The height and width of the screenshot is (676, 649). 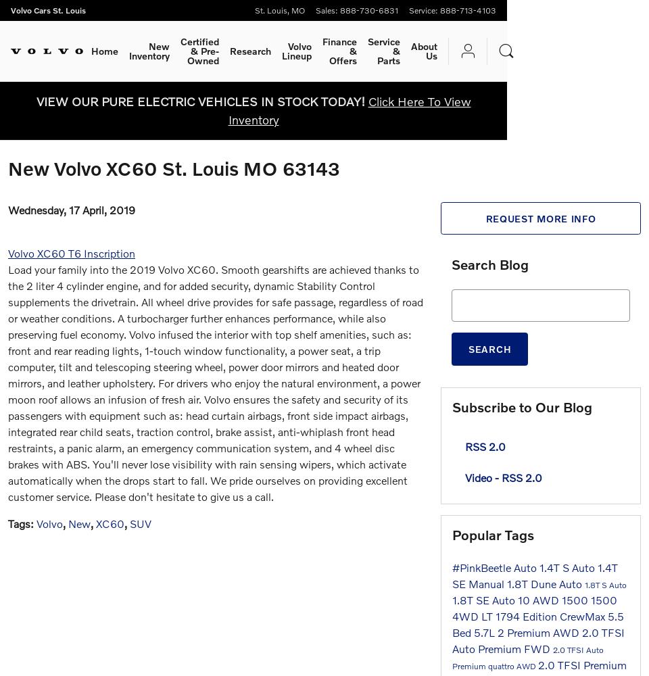 I want to click on '2.0 TFSI Auto Premium FWD', so click(x=538, y=639).